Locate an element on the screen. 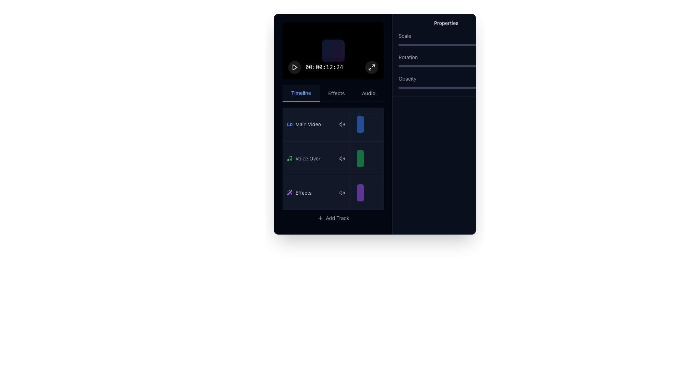 The height and width of the screenshot is (385, 685). the text label displaying the current playback time of the video, which is located horizontally centered within the bottom bar of the video player interface is located at coordinates (333, 67).